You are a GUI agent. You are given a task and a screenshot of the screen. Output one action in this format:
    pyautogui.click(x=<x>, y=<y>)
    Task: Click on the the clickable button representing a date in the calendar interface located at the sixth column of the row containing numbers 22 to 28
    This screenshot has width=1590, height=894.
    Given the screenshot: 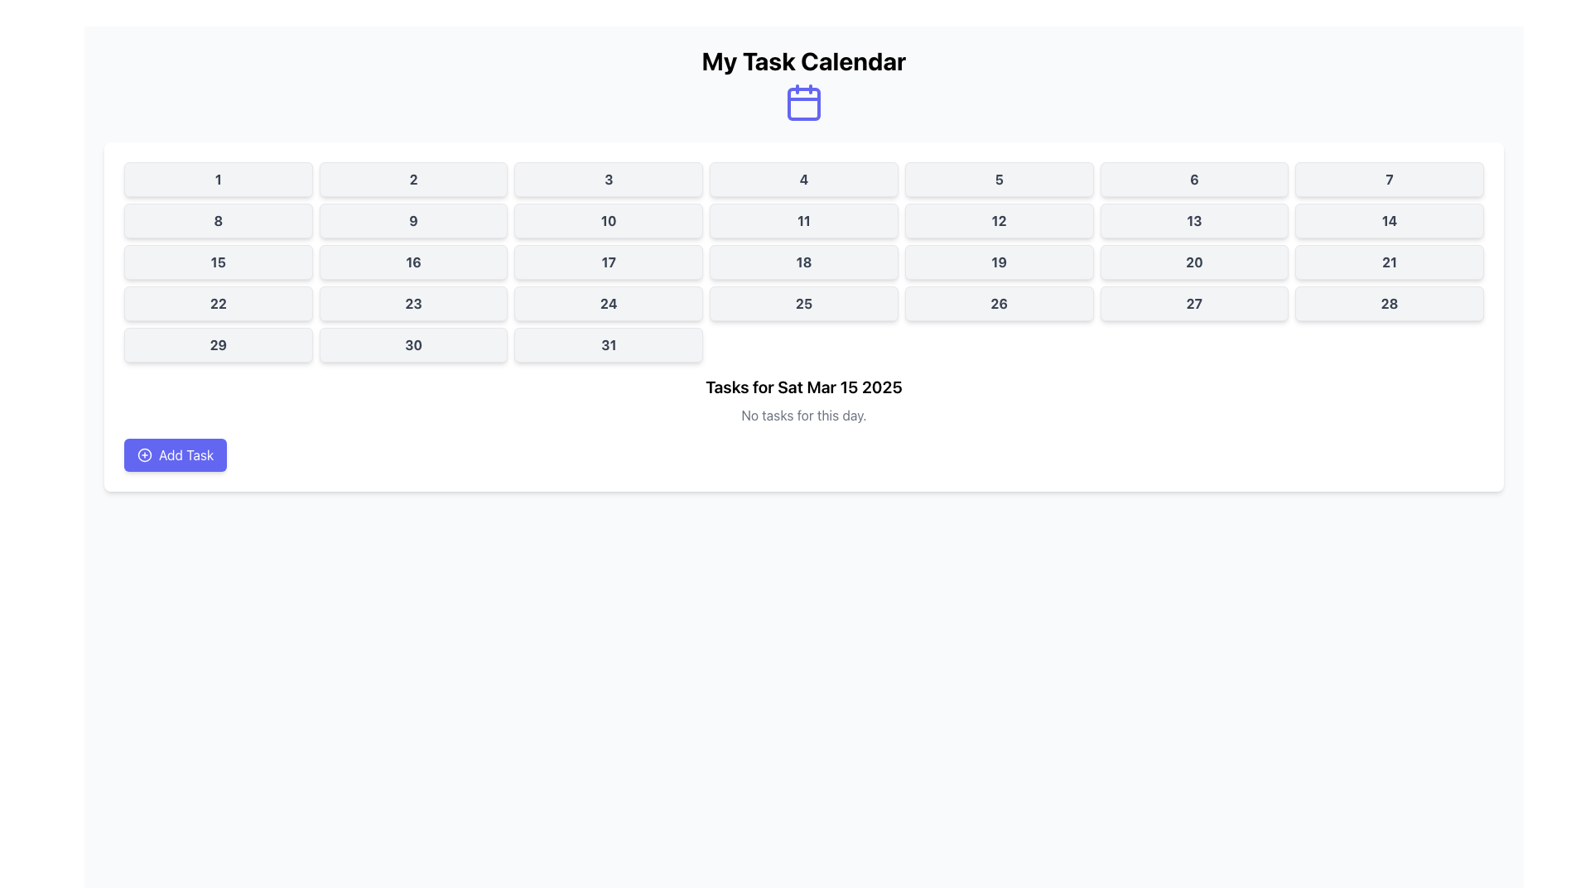 What is the action you would take?
    pyautogui.click(x=998, y=303)
    